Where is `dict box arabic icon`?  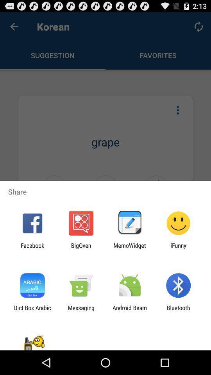 dict box arabic icon is located at coordinates (32, 311).